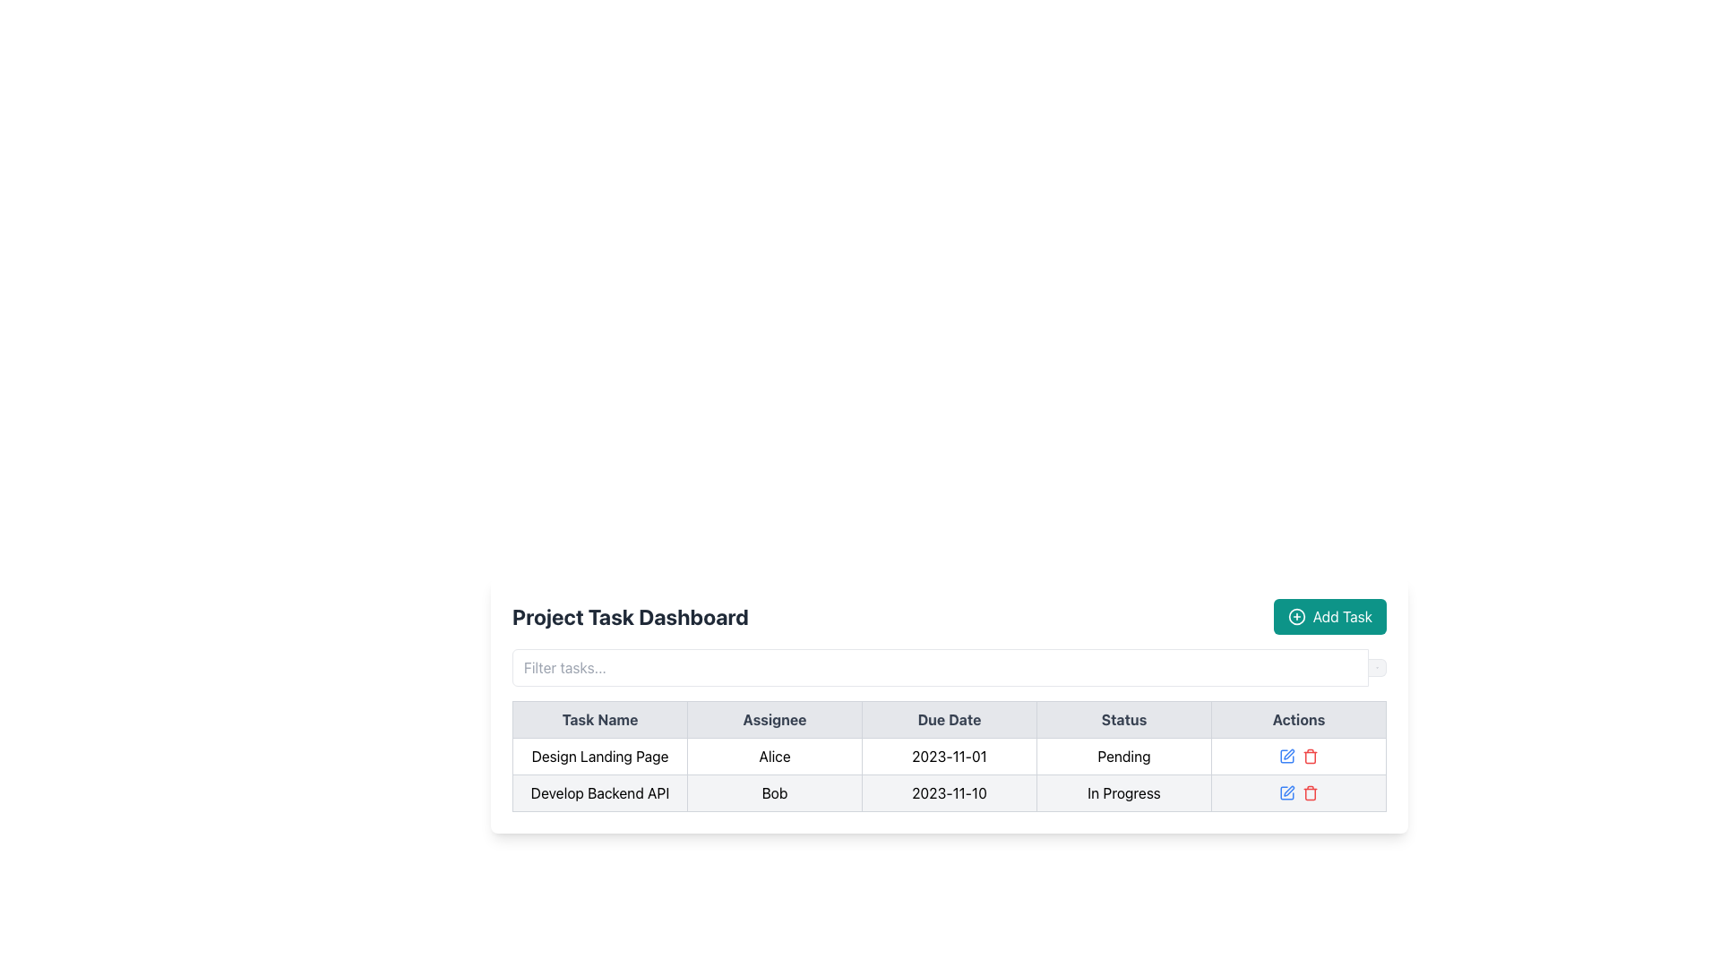 This screenshot has width=1720, height=967. Describe the element at coordinates (949, 718) in the screenshot. I see `the Table Header Row at the top of the table which provides column labels for the task data` at that location.